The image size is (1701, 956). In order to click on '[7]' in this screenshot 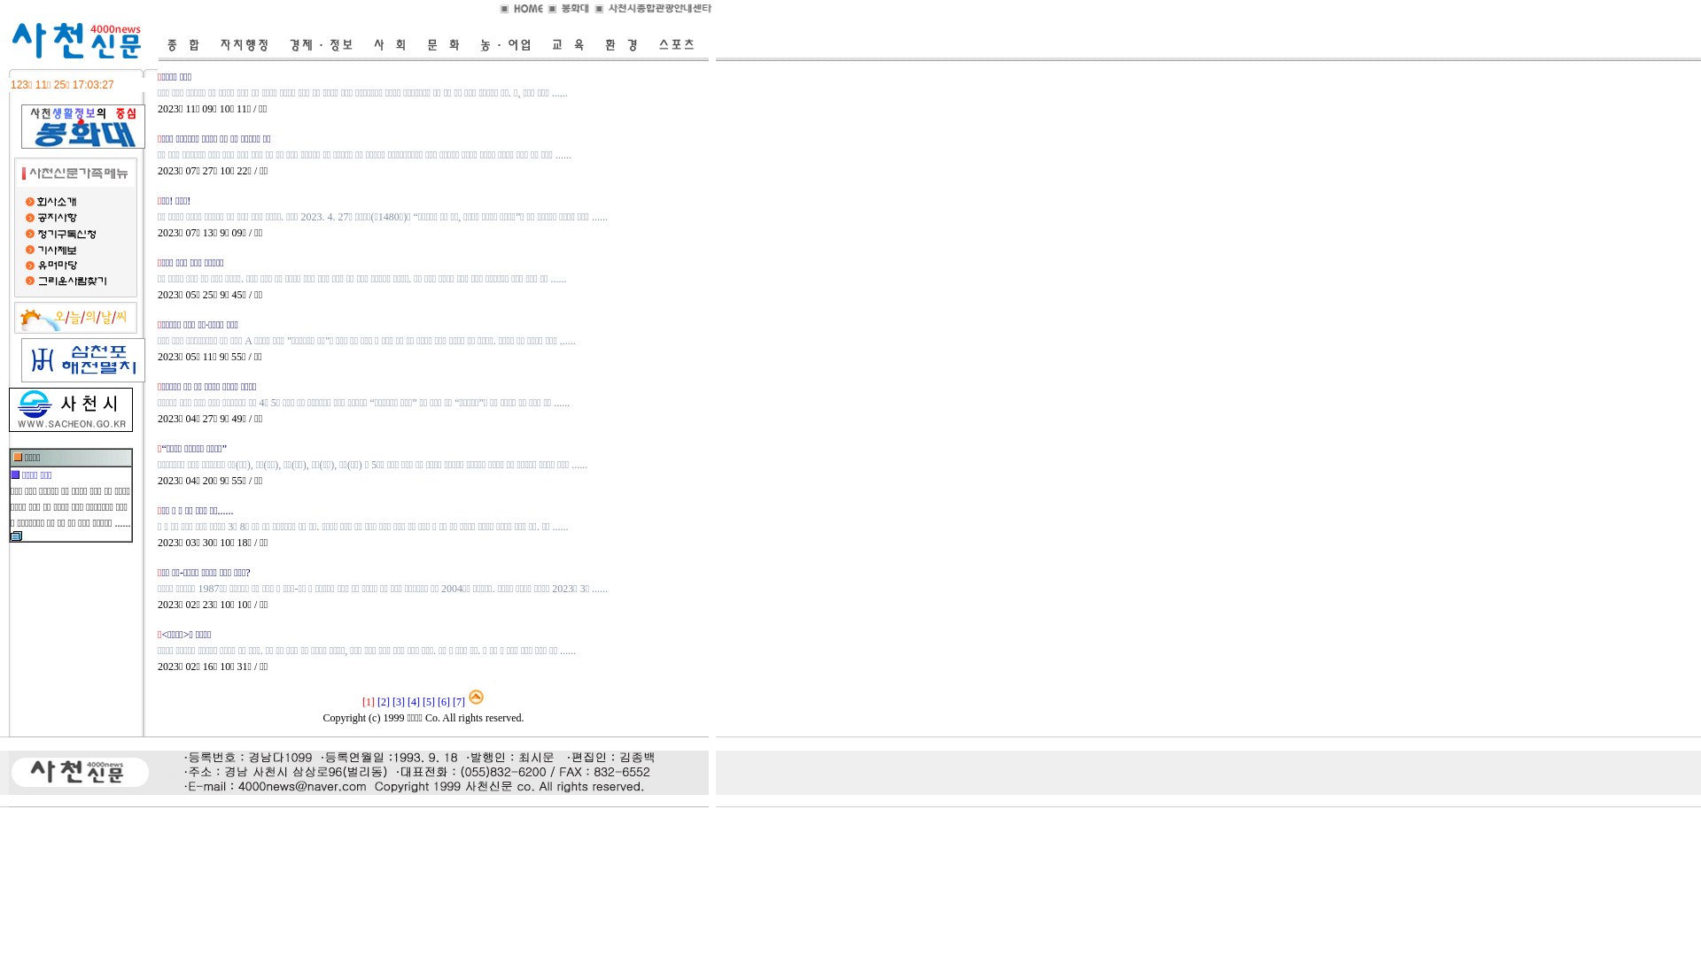, I will do `click(459, 701)`.